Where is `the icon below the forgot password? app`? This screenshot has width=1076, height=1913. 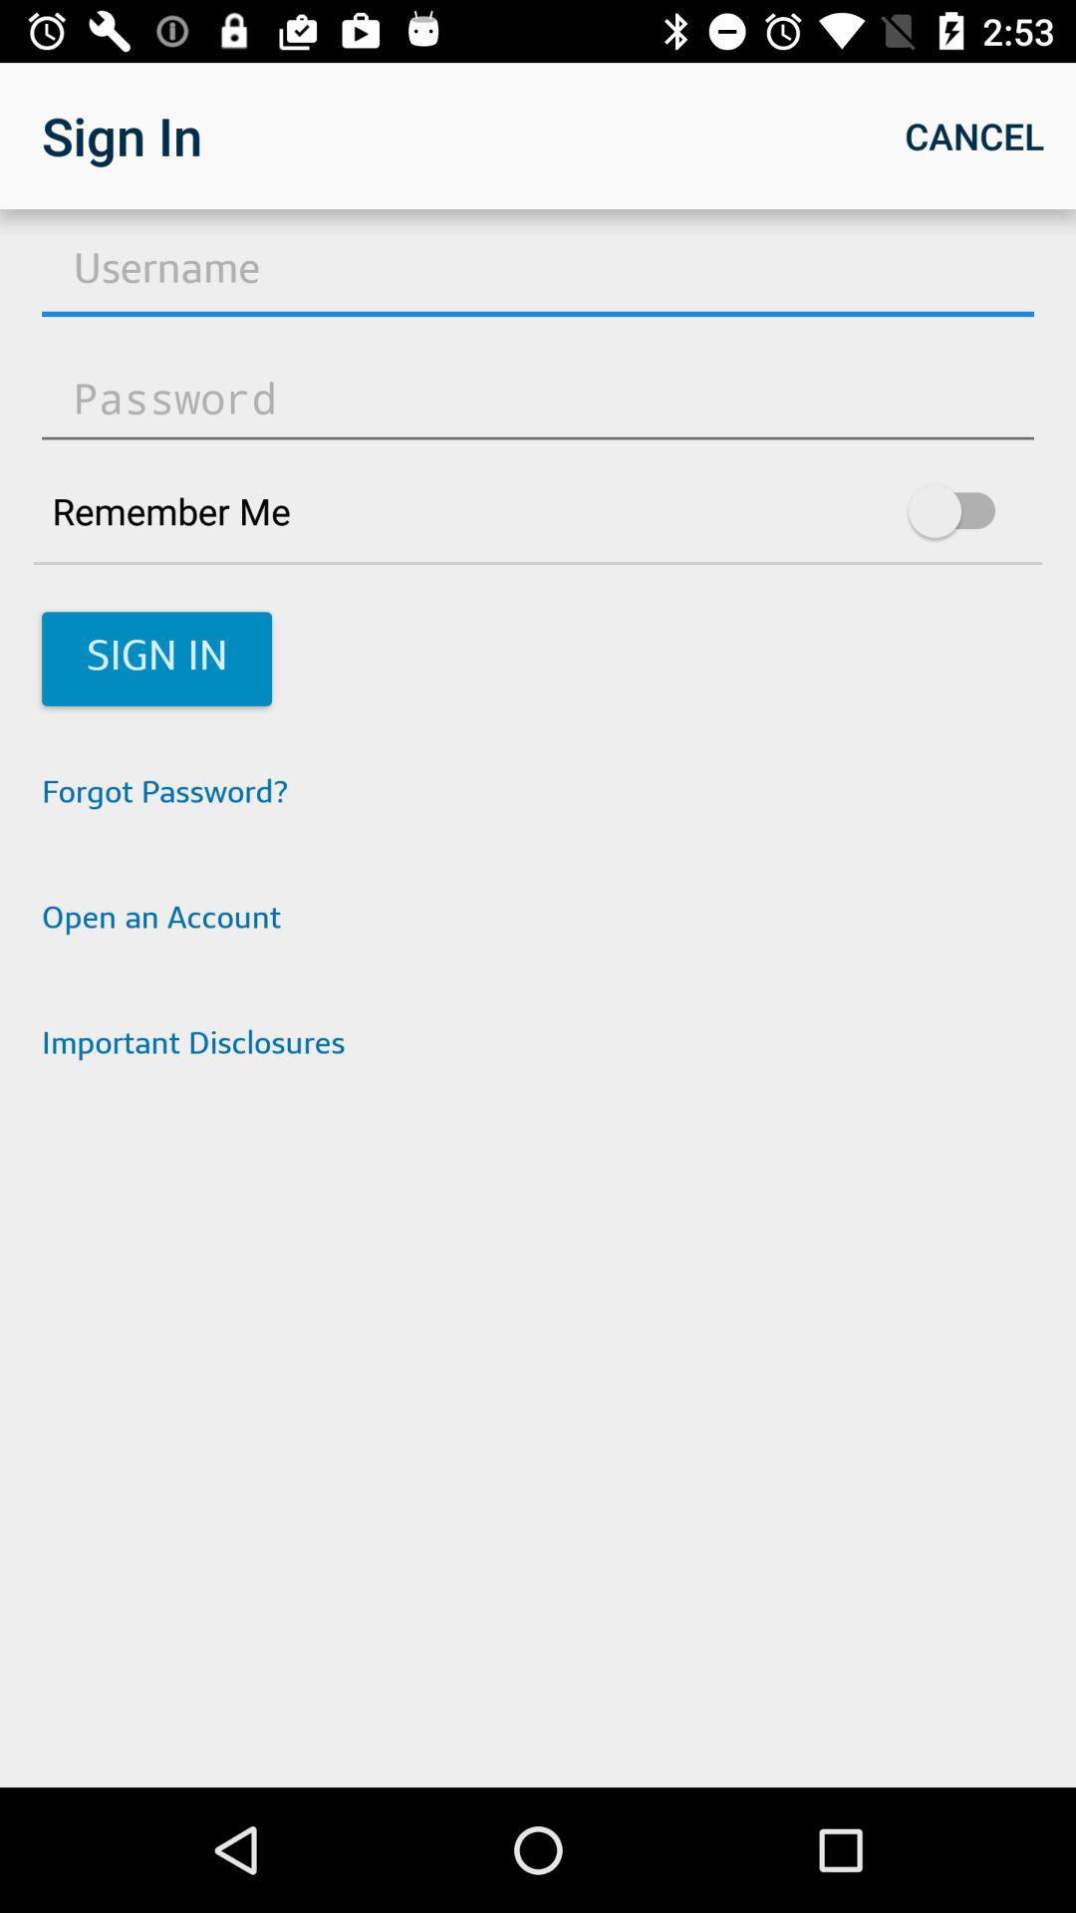
the icon below the forgot password? app is located at coordinates (538, 920).